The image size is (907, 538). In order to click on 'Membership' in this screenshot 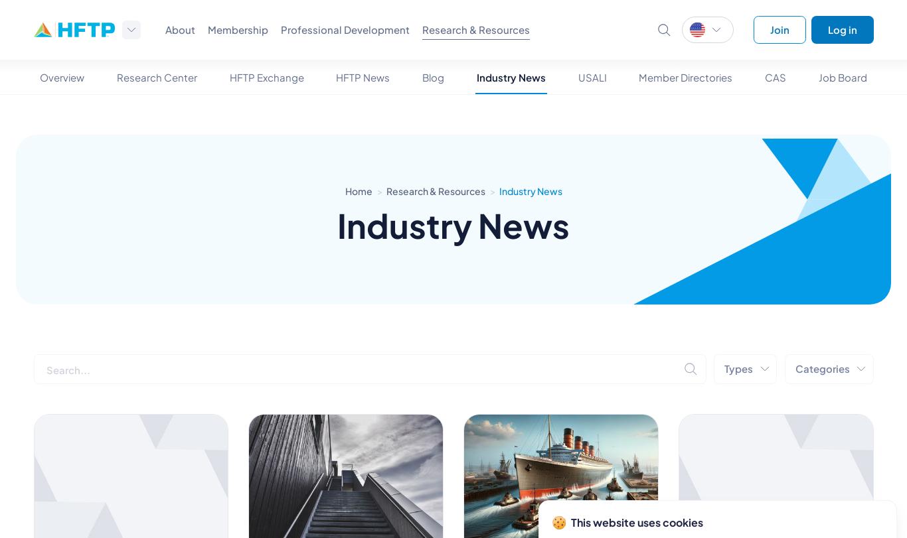, I will do `click(237, 29)`.